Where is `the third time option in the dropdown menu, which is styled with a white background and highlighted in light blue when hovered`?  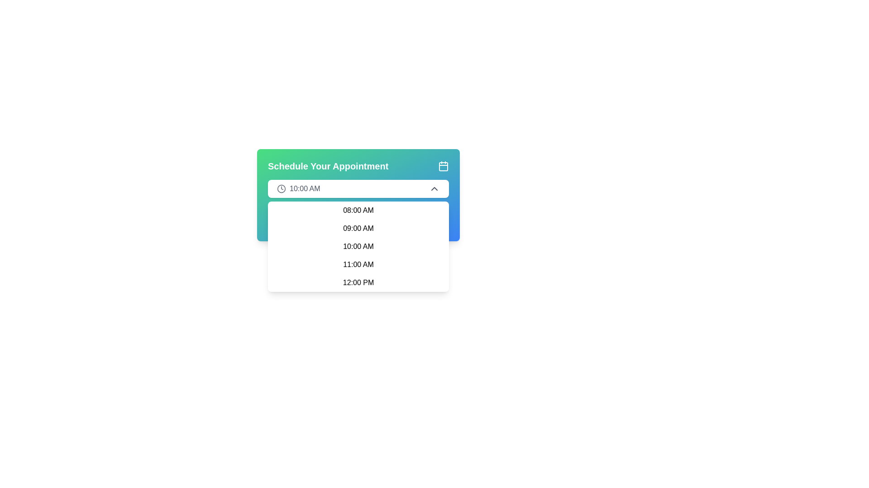 the third time option in the dropdown menu, which is styled with a white background and highlighted in light blue when hovered is located at coordinates (358, 247).